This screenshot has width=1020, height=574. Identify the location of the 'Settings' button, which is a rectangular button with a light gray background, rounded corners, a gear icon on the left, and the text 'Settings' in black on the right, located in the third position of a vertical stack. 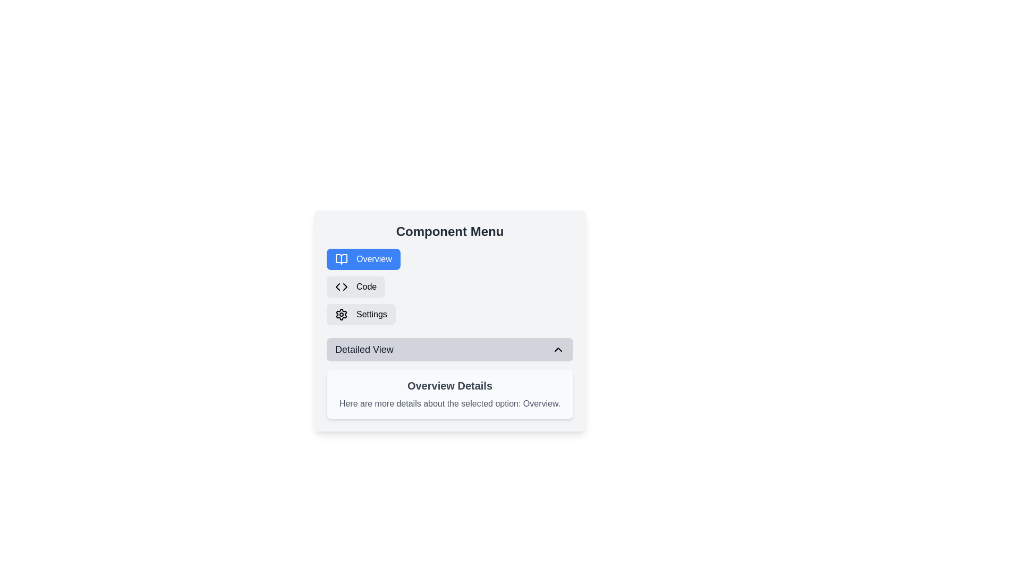
(361, 314).